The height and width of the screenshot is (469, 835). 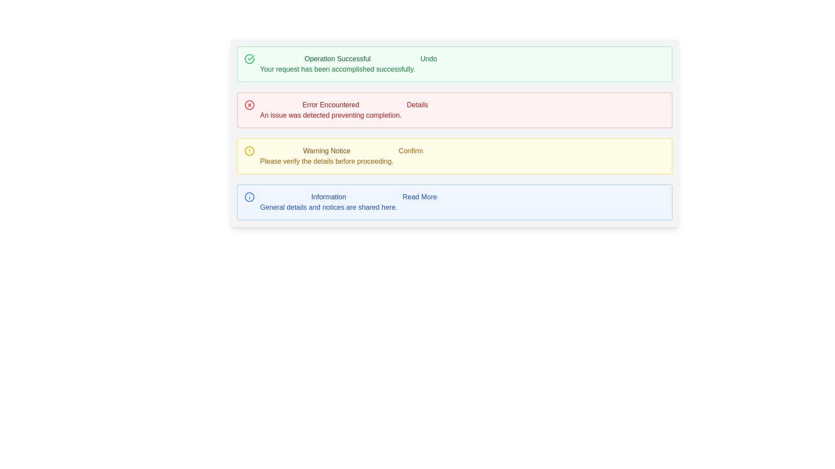 What do you see at coordinates (249, 197) in the screenshot?
I see `the information icon located at the leftmost side of the lower-most card with a light blue background, which indicates that the associated card contains informational content` at bounding box center [249, 197].